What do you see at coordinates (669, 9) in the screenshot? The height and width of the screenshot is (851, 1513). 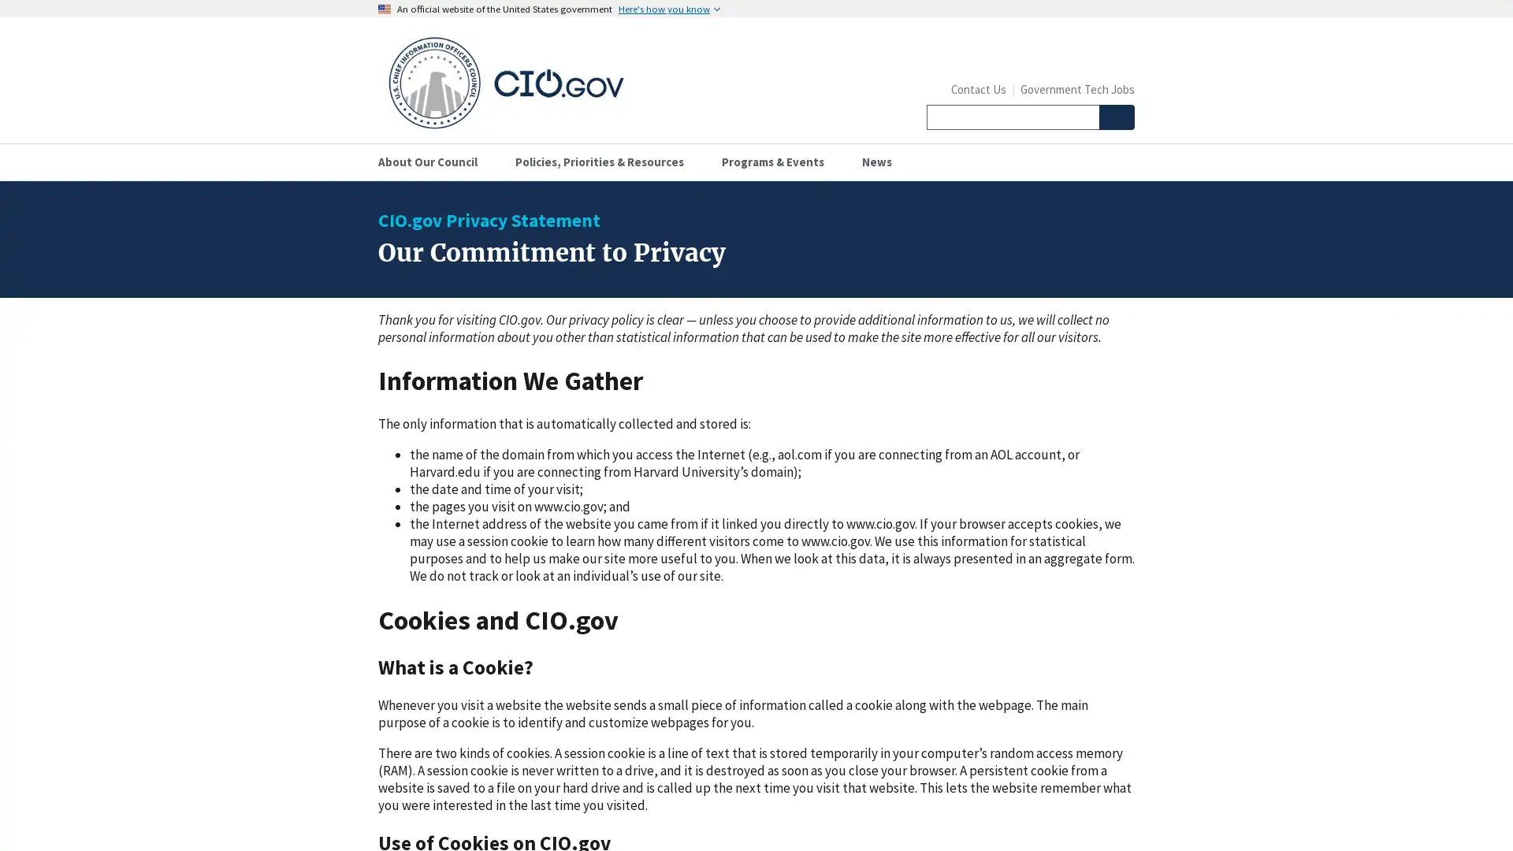 I see `Here's how you know` at bounding box center [669, 9].